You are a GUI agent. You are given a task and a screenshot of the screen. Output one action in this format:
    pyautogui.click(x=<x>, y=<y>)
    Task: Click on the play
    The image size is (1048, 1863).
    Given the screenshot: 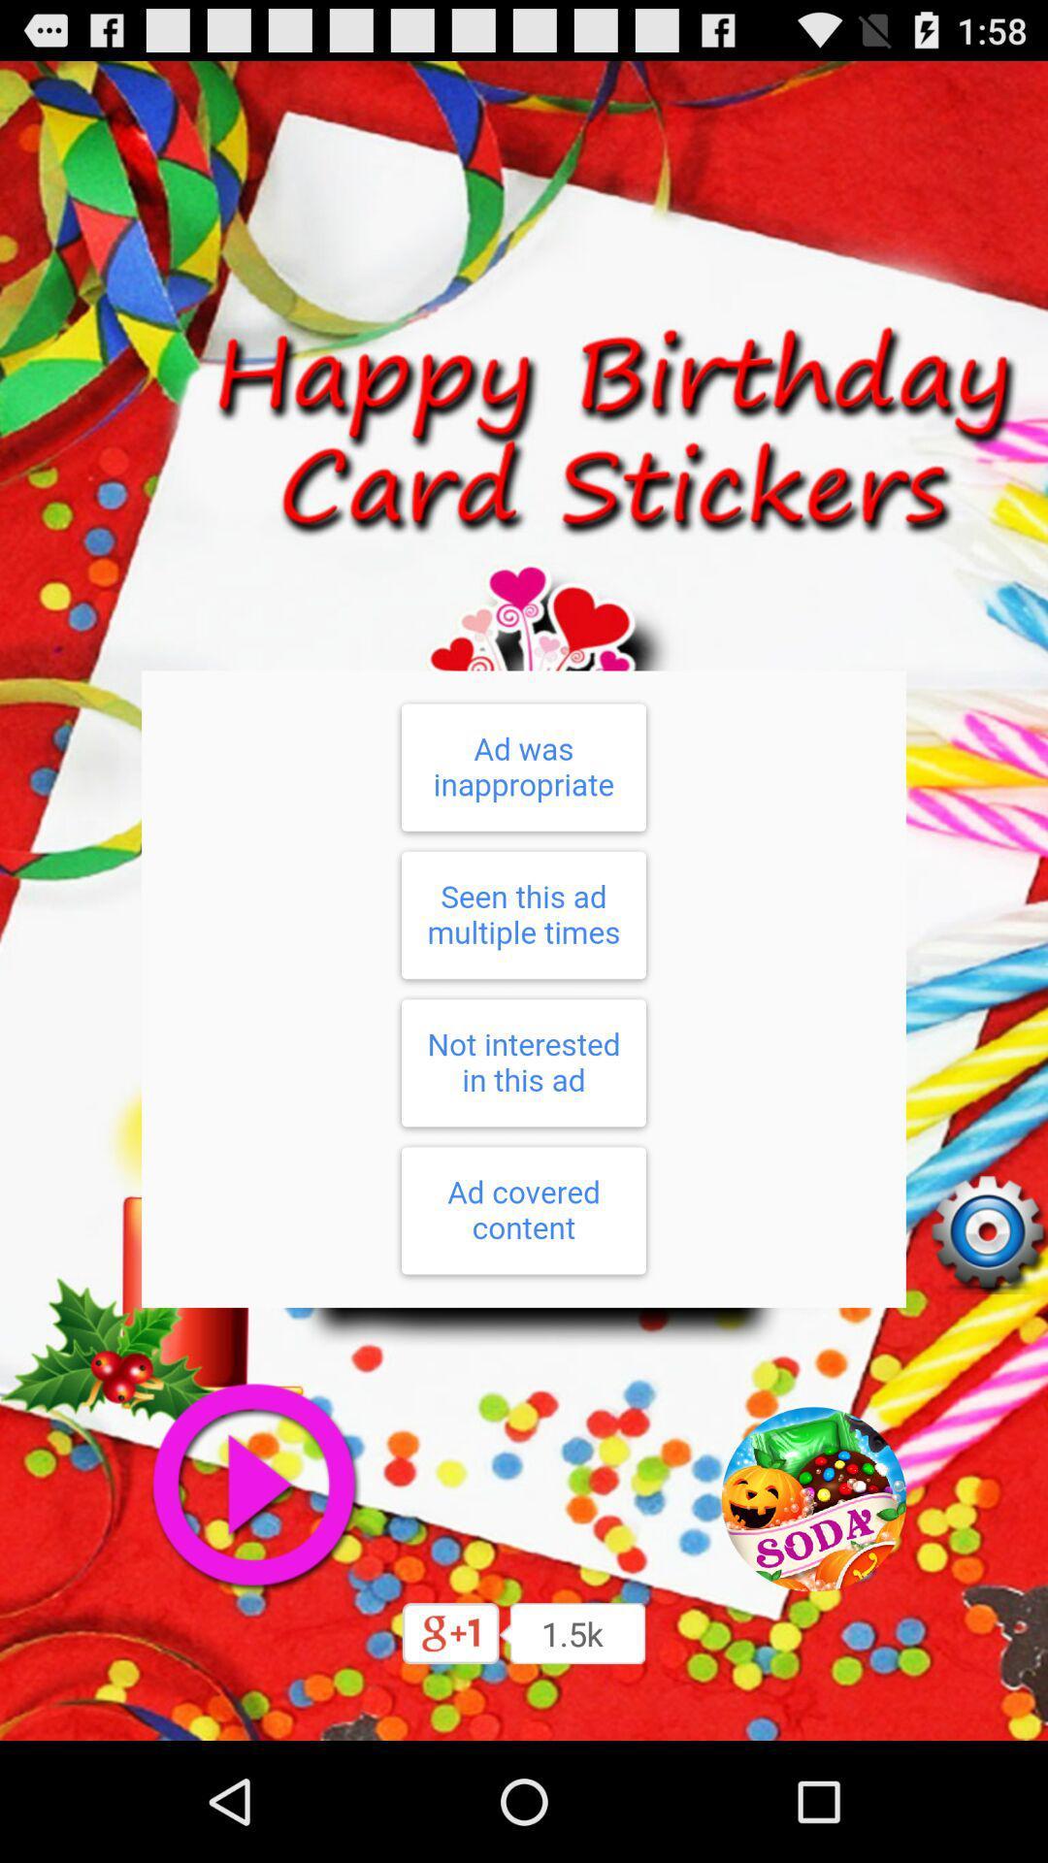 What is the action you would take?
    pyautogui.click(x=252, y=1485)
    